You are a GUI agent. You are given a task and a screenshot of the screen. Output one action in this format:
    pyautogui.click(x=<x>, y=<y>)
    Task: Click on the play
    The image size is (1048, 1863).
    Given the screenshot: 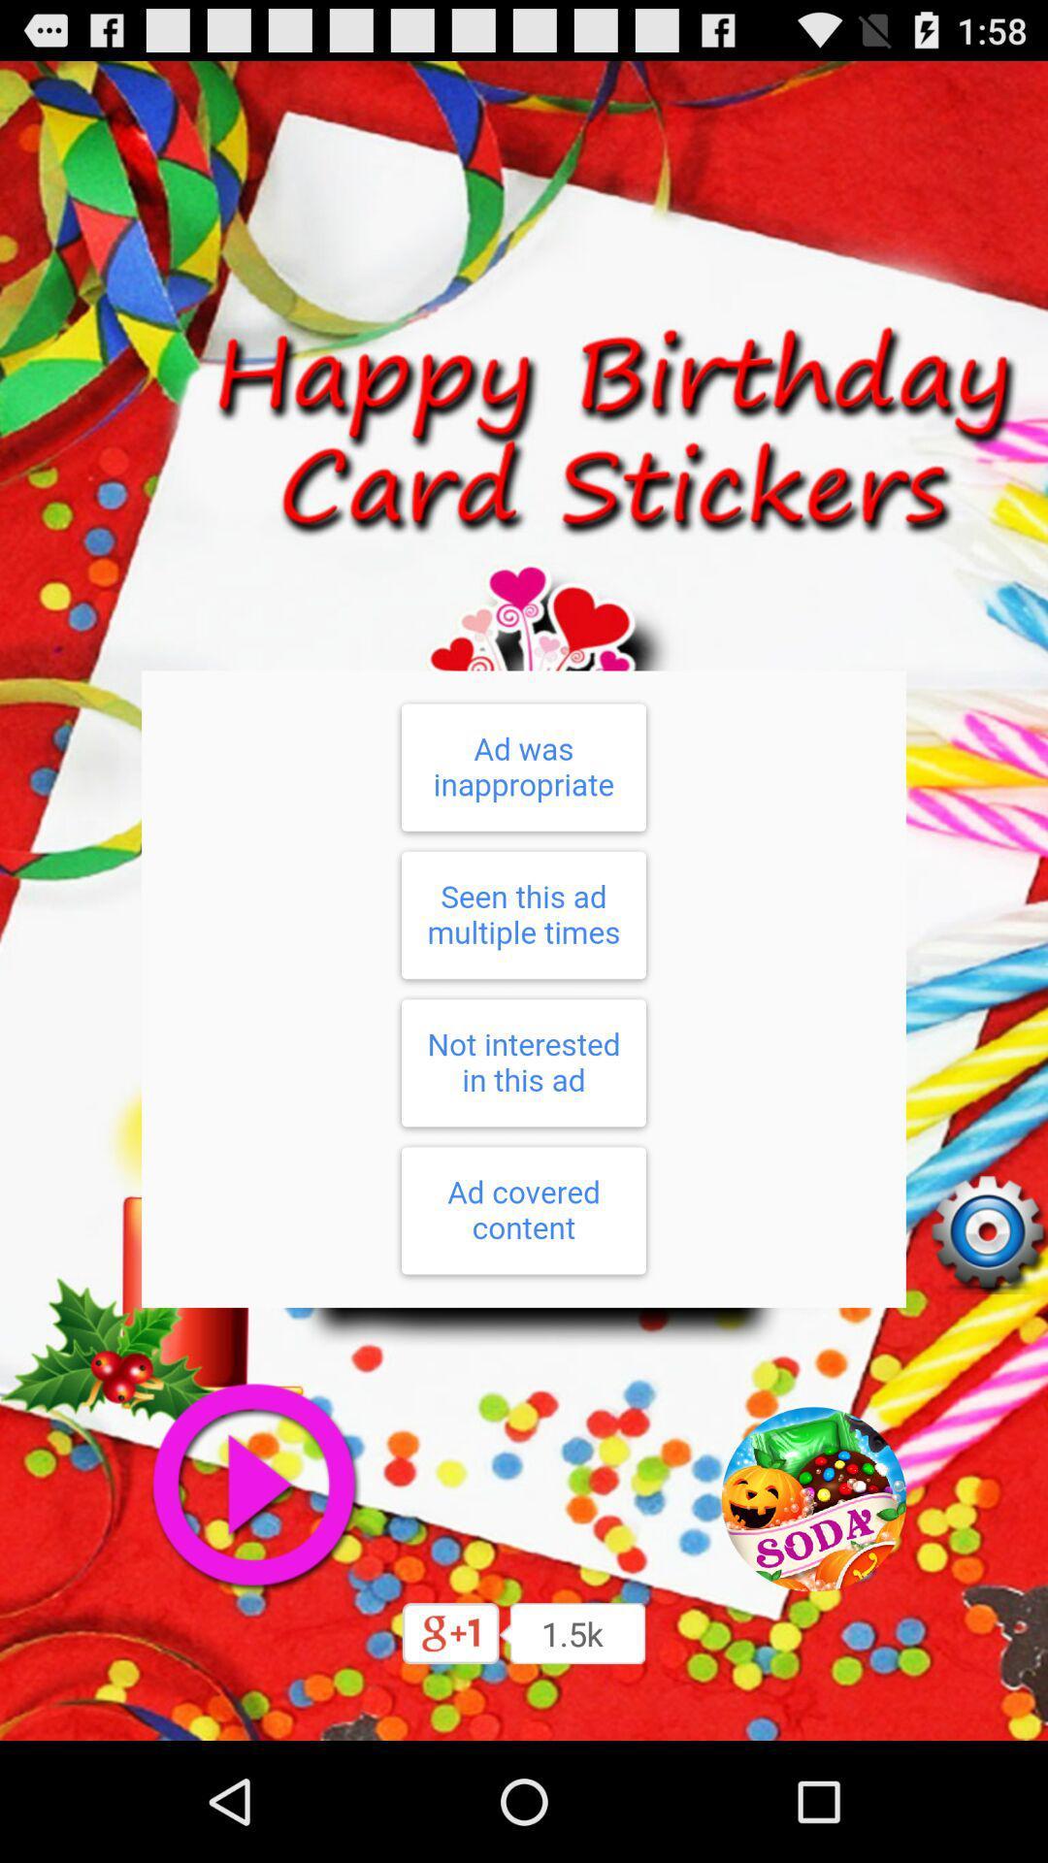 What is the action you would take?
    pyautogui.click(x=252, y=1485)
    